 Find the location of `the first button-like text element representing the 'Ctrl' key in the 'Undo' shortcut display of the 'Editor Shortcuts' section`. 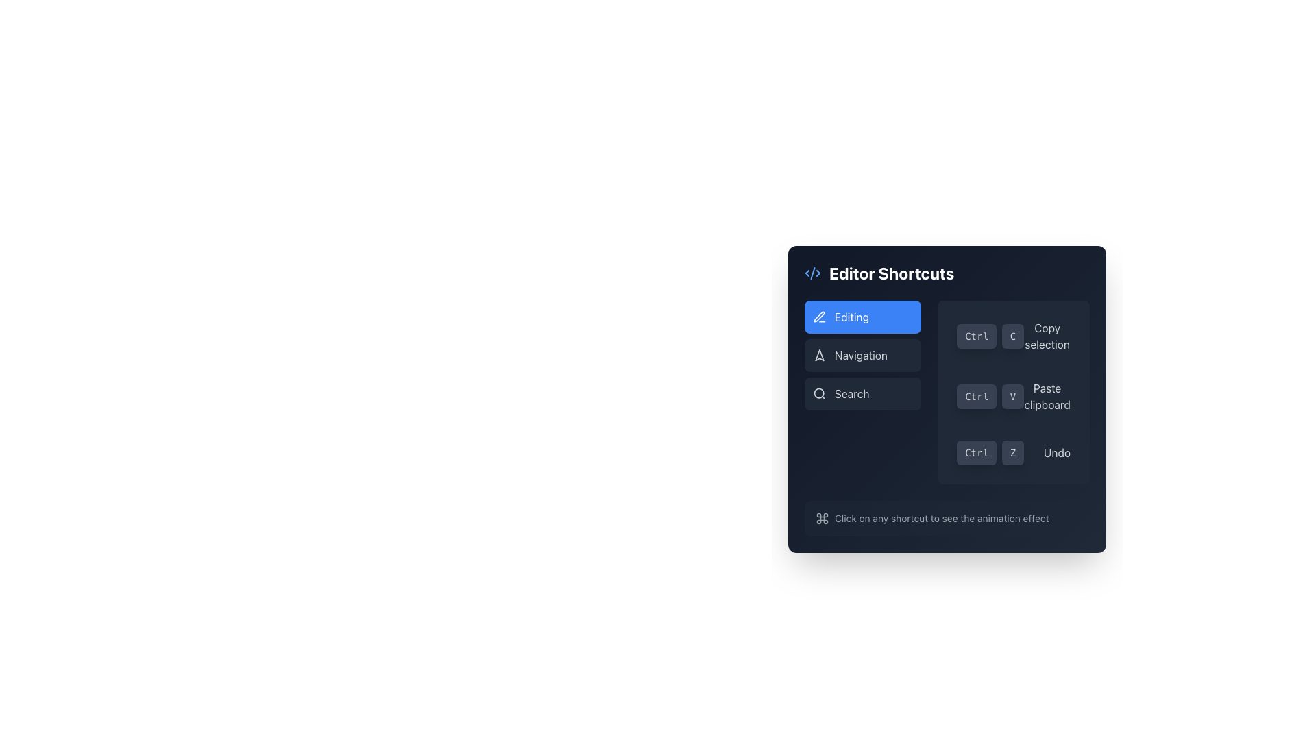

the first button-like text element representing the 'Ctrl' key in the 'Undo' shortcut display of the 'Editor Shortcuts' section is located at coordinates (976, 452).